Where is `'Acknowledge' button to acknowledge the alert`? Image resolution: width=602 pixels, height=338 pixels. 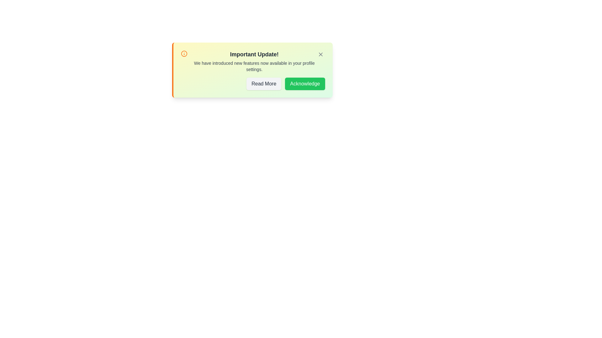 'Acknowledge' button to acknowledge the alert is located at coordinates (305, 83).